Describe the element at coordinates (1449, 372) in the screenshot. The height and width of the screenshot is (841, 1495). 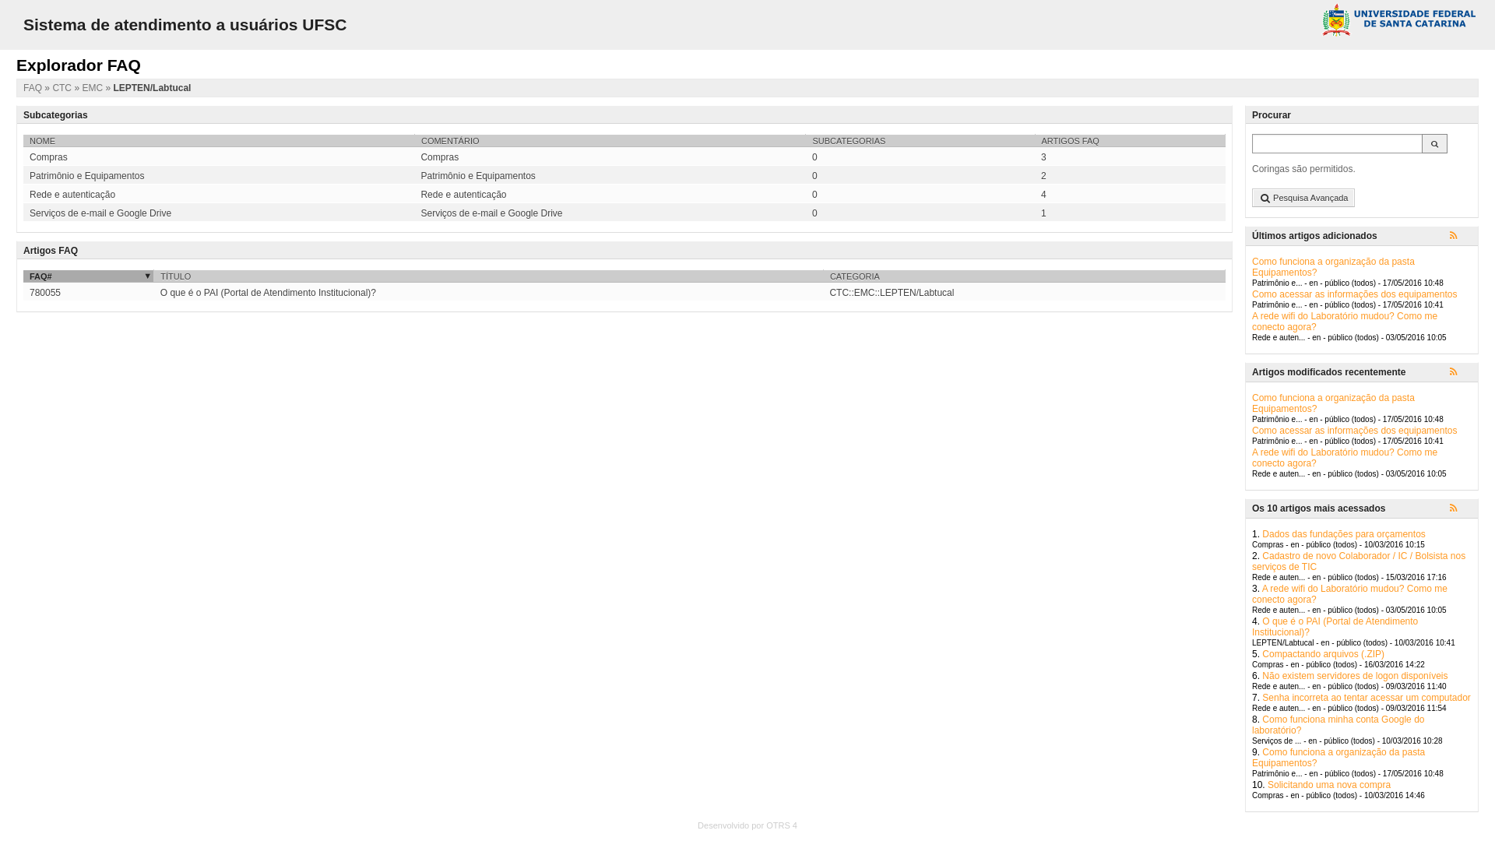
I see `'Artigos FAQ (alterados recentemente)'` at that location.